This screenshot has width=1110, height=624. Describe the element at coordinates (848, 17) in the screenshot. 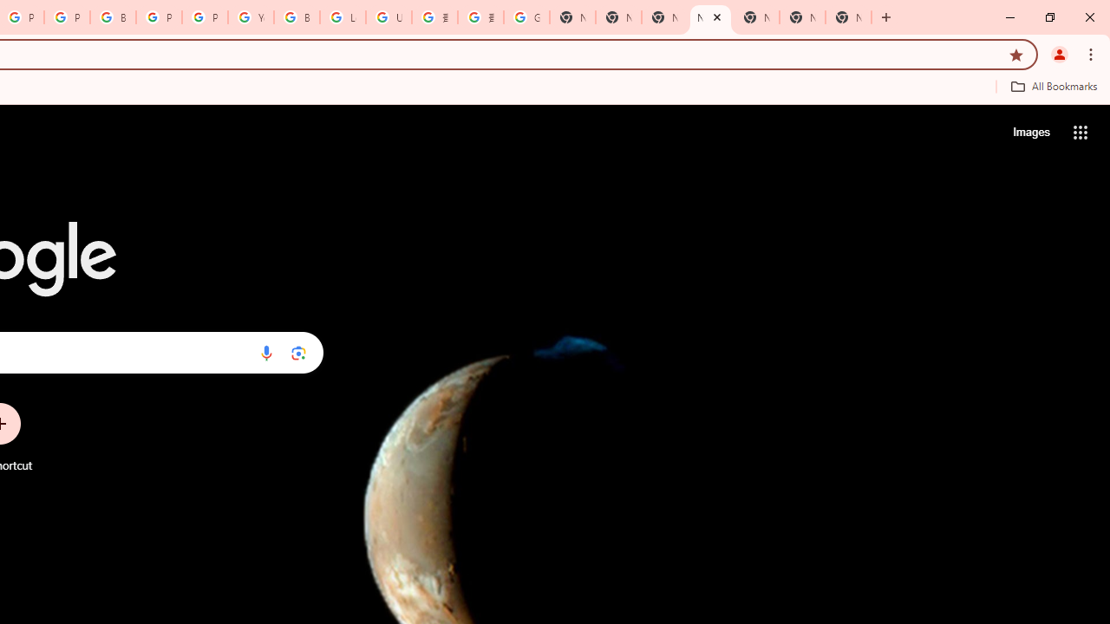

I see `'New Tab'` at that location.